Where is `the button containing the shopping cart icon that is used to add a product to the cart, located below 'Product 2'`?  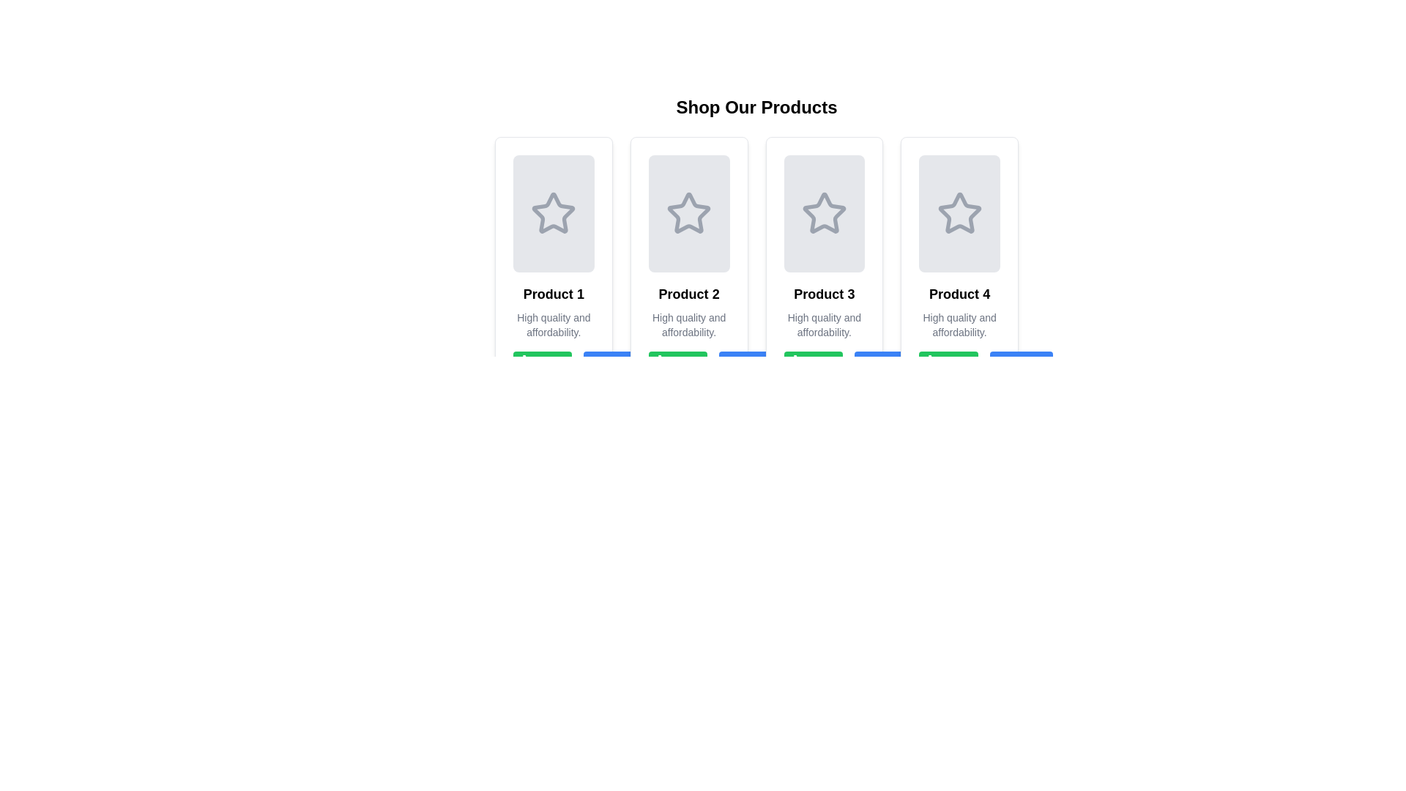 the button containing the shopping cart icon that is used to add a product to the cart, located below 'Product 2' is located at coordinates (665, 363).